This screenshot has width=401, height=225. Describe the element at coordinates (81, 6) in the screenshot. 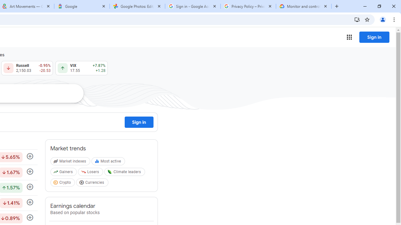

I see `'Google'` at that location.